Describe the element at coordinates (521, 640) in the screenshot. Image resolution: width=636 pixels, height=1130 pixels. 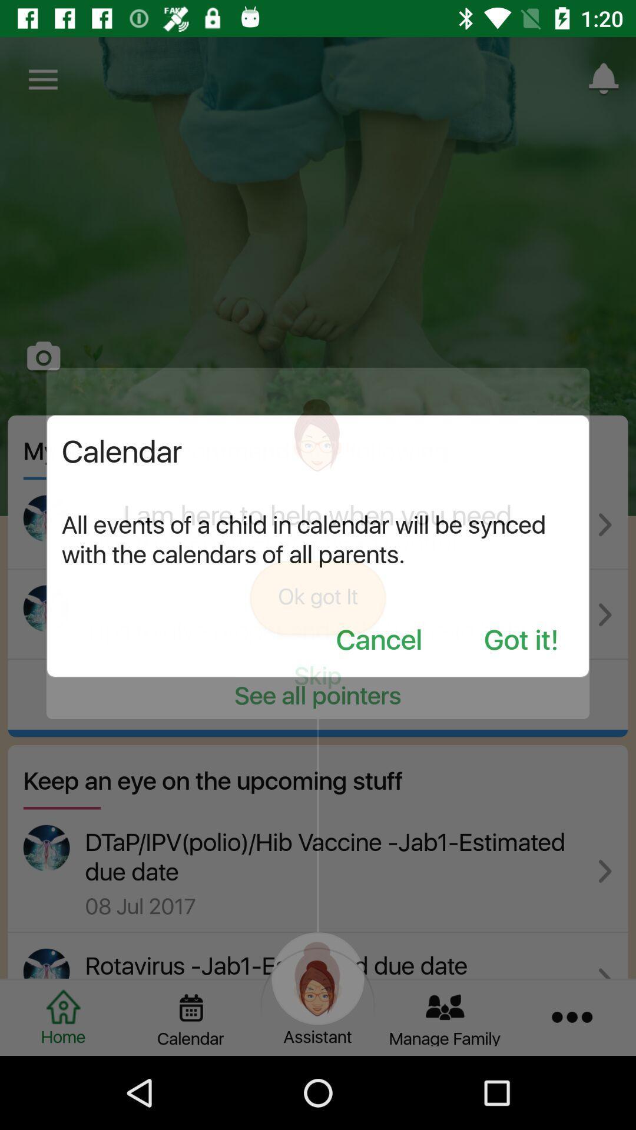
I see `the got it! item` at that location.